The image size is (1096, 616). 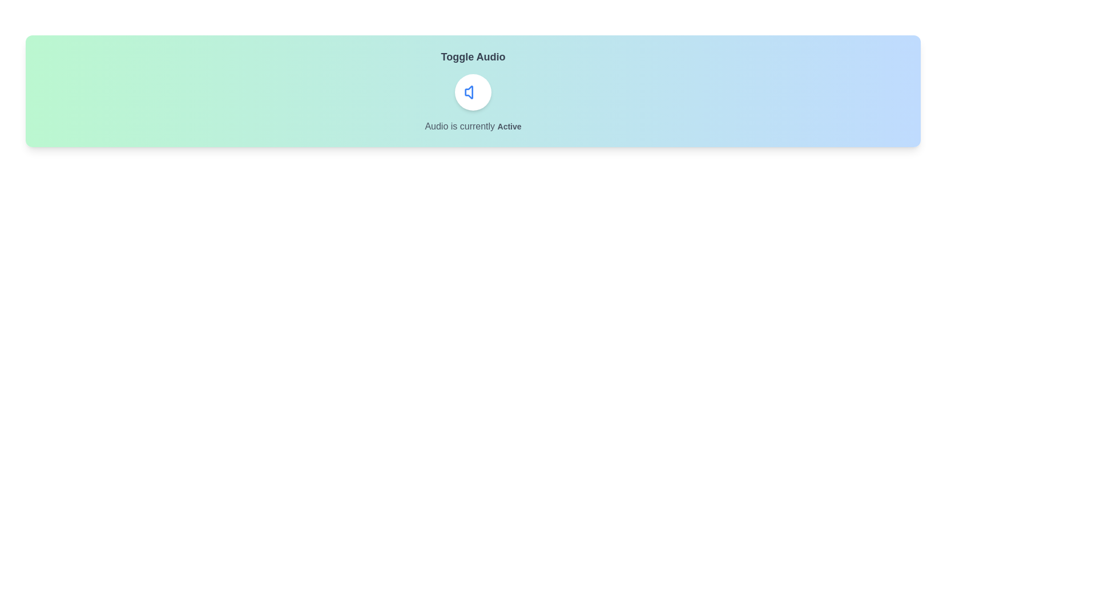 What do you see at coordinates (473, 92) in the screenshot?
I see `the audio toggle button to change its state` at bounding box center [473, 92].